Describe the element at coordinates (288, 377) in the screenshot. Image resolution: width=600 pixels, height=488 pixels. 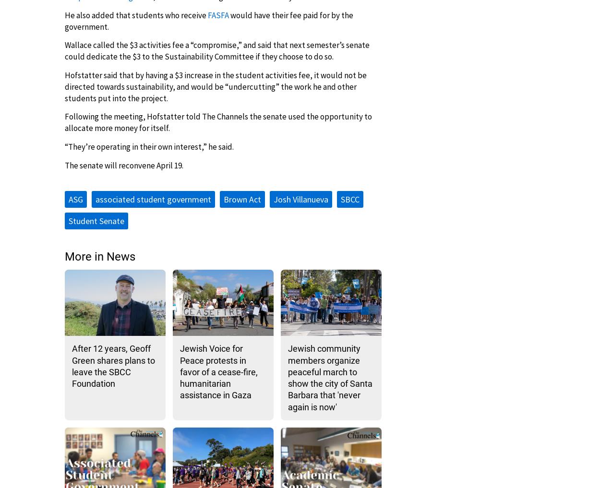
I see `'Jewish community members organize peaceful march to show the city of Santa Barbara that 'never again is now''` at that location.